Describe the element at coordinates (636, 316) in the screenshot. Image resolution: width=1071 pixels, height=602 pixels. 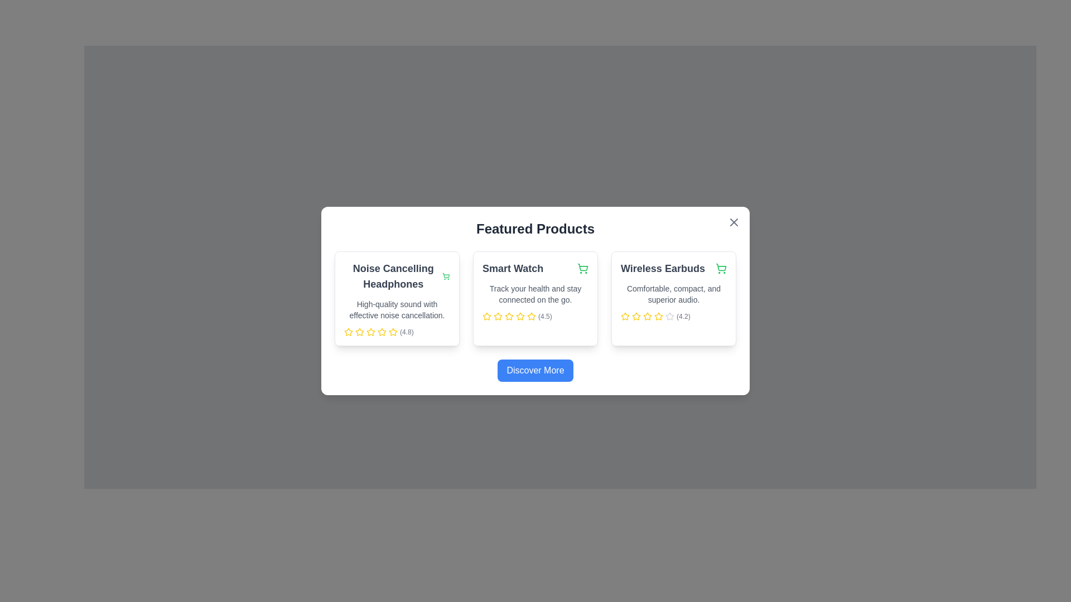
I see `the third star icon in the 5-star rating system for the 'Wireless Earbuds' product, which has a yellow outline and indicates a partial rating` at that location.